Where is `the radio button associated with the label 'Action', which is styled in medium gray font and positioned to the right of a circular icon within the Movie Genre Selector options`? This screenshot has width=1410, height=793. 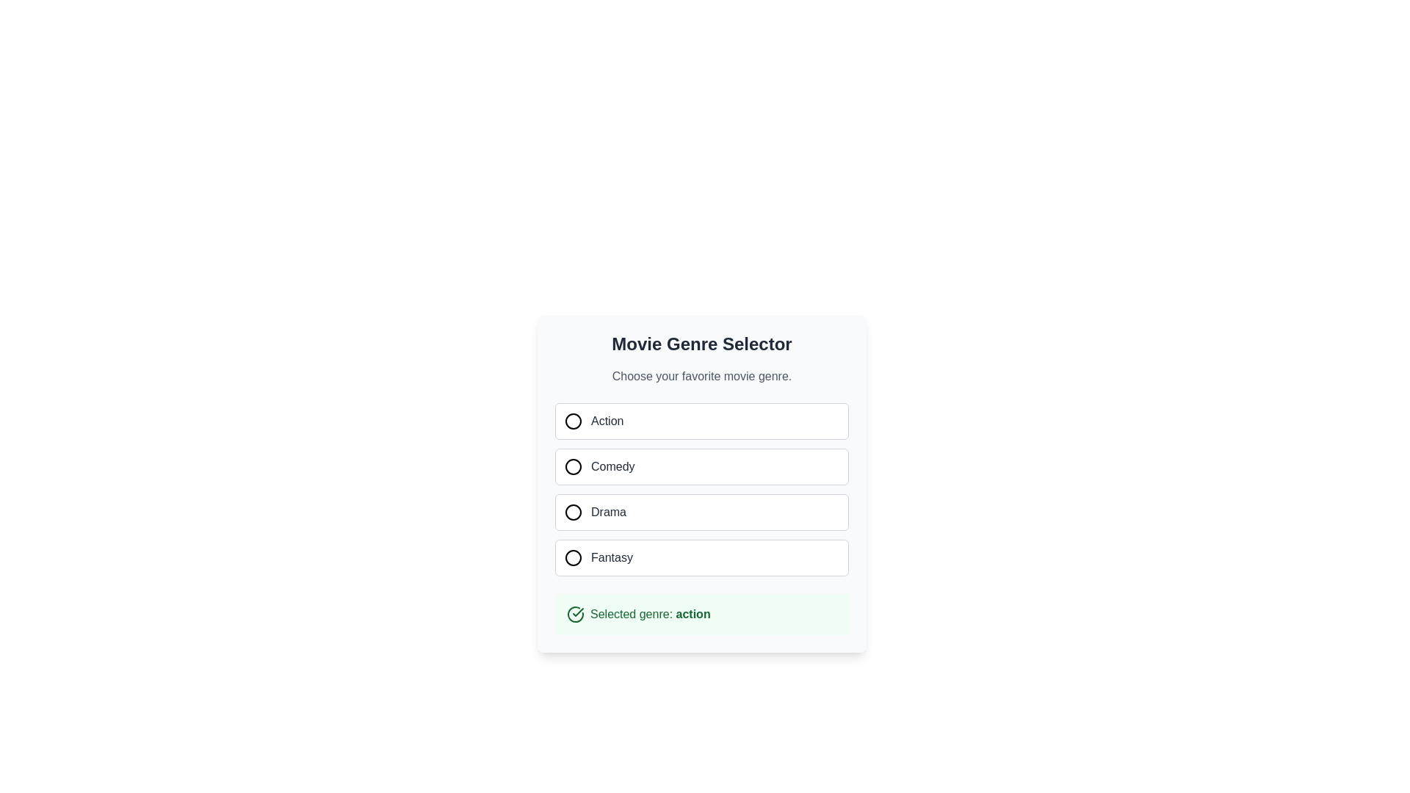 the radio button associated with the label 'Action', which is styled in medium gray font and positioned to the right of a circular icon within the Movie Genre Selector options is located at coordinates (594, 421).